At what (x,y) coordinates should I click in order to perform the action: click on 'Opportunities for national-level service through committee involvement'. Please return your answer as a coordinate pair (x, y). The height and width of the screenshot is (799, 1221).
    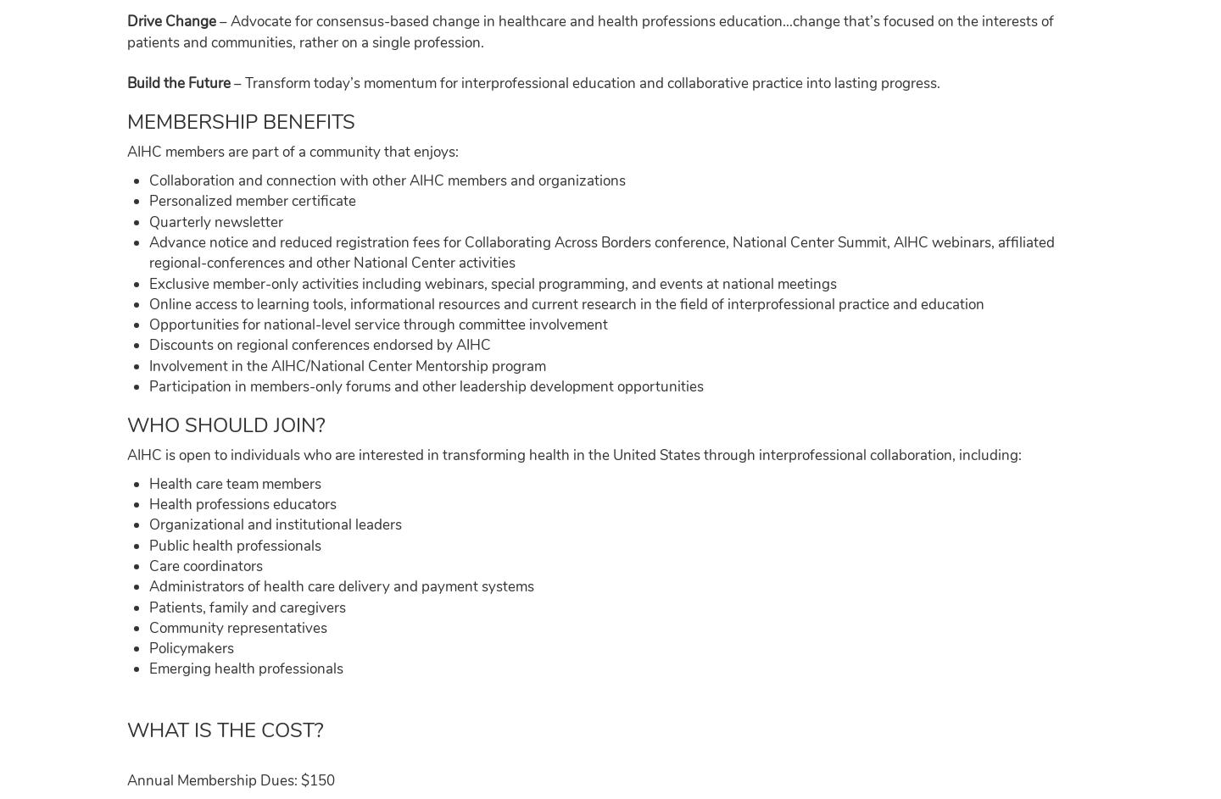
    Looking at the image, I should click on (147, 324).